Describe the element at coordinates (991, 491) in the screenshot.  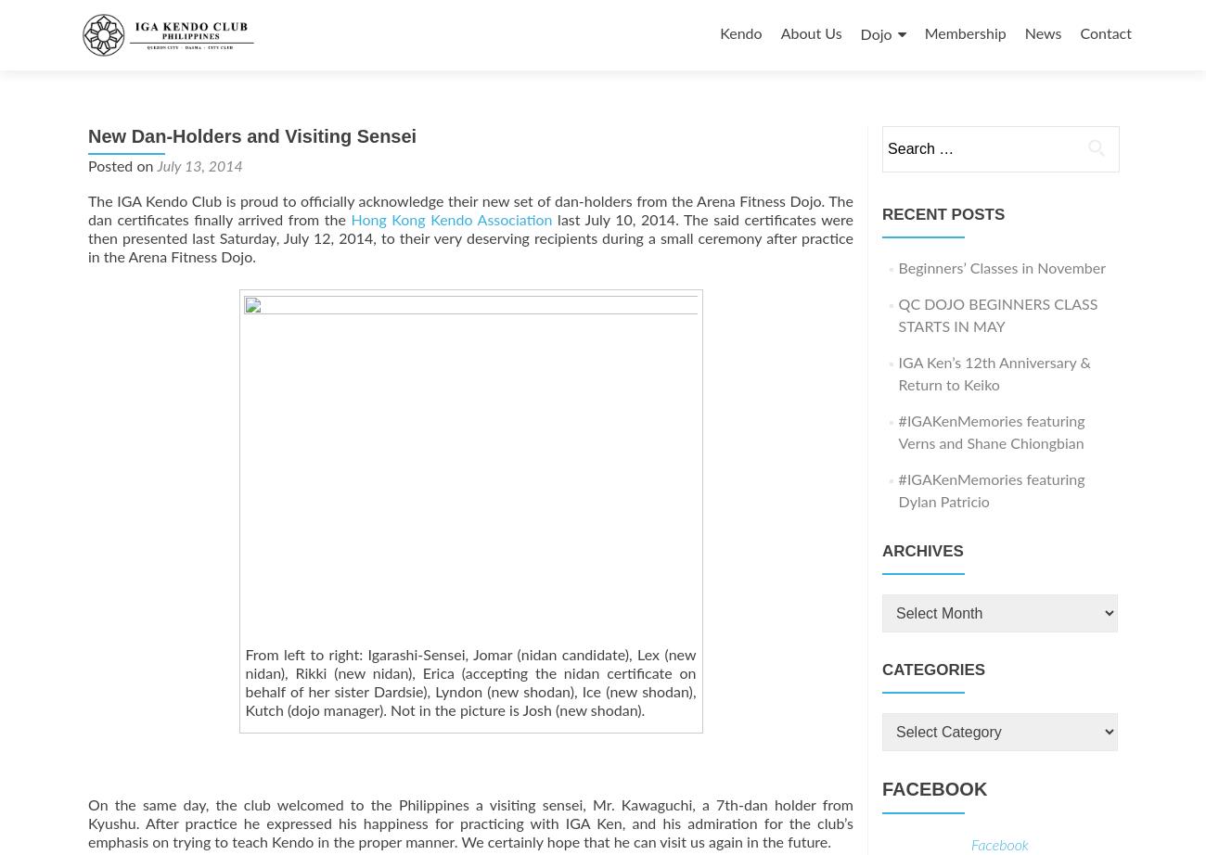
I see `'#IGAKenMemories featuring Dylan Patricio'` at that location.